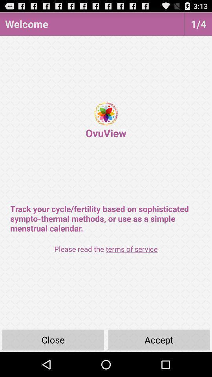 This screenshot has width=212, height=377. Describe the element at coordinates (53, 339) in the screenshot. I see `close icon` at that location.